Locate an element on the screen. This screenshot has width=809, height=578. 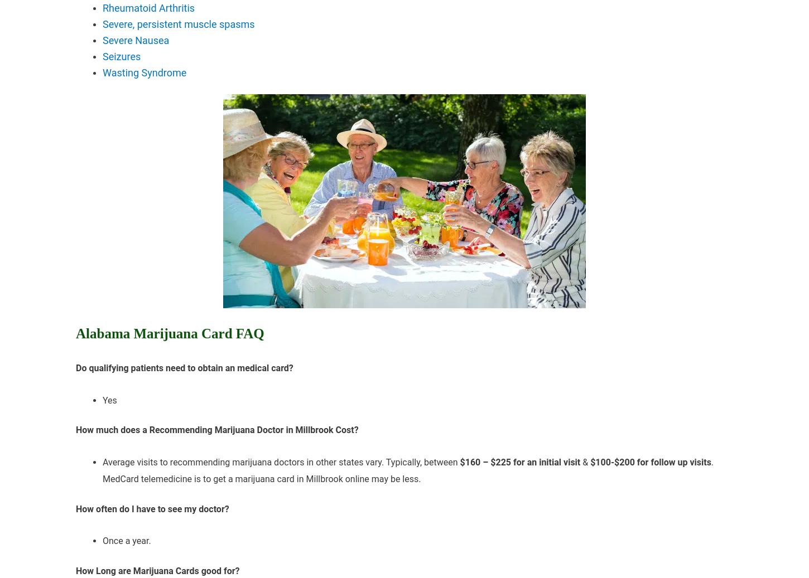
'Wasting Syndrome' is located at coordinates (144, 71).